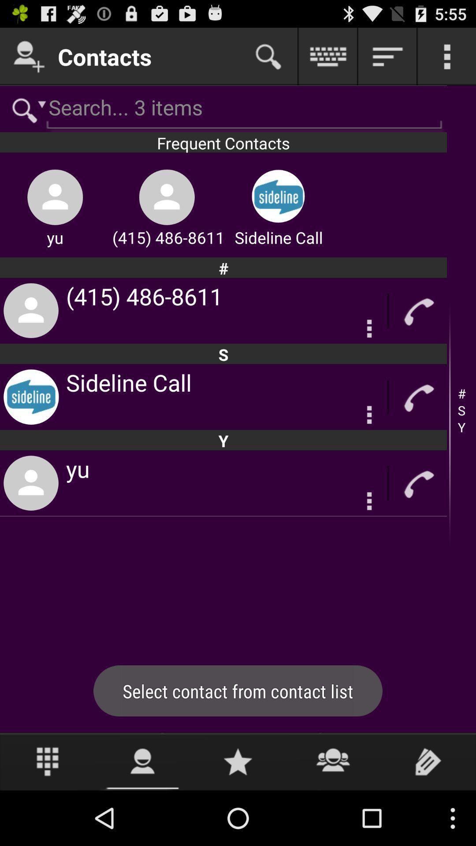 This screenshot has height=846, width=476. What do you see at coordinates (48, 814) in the screenshot?
I see `the dialpad icon` at bounding box center [48, 814].